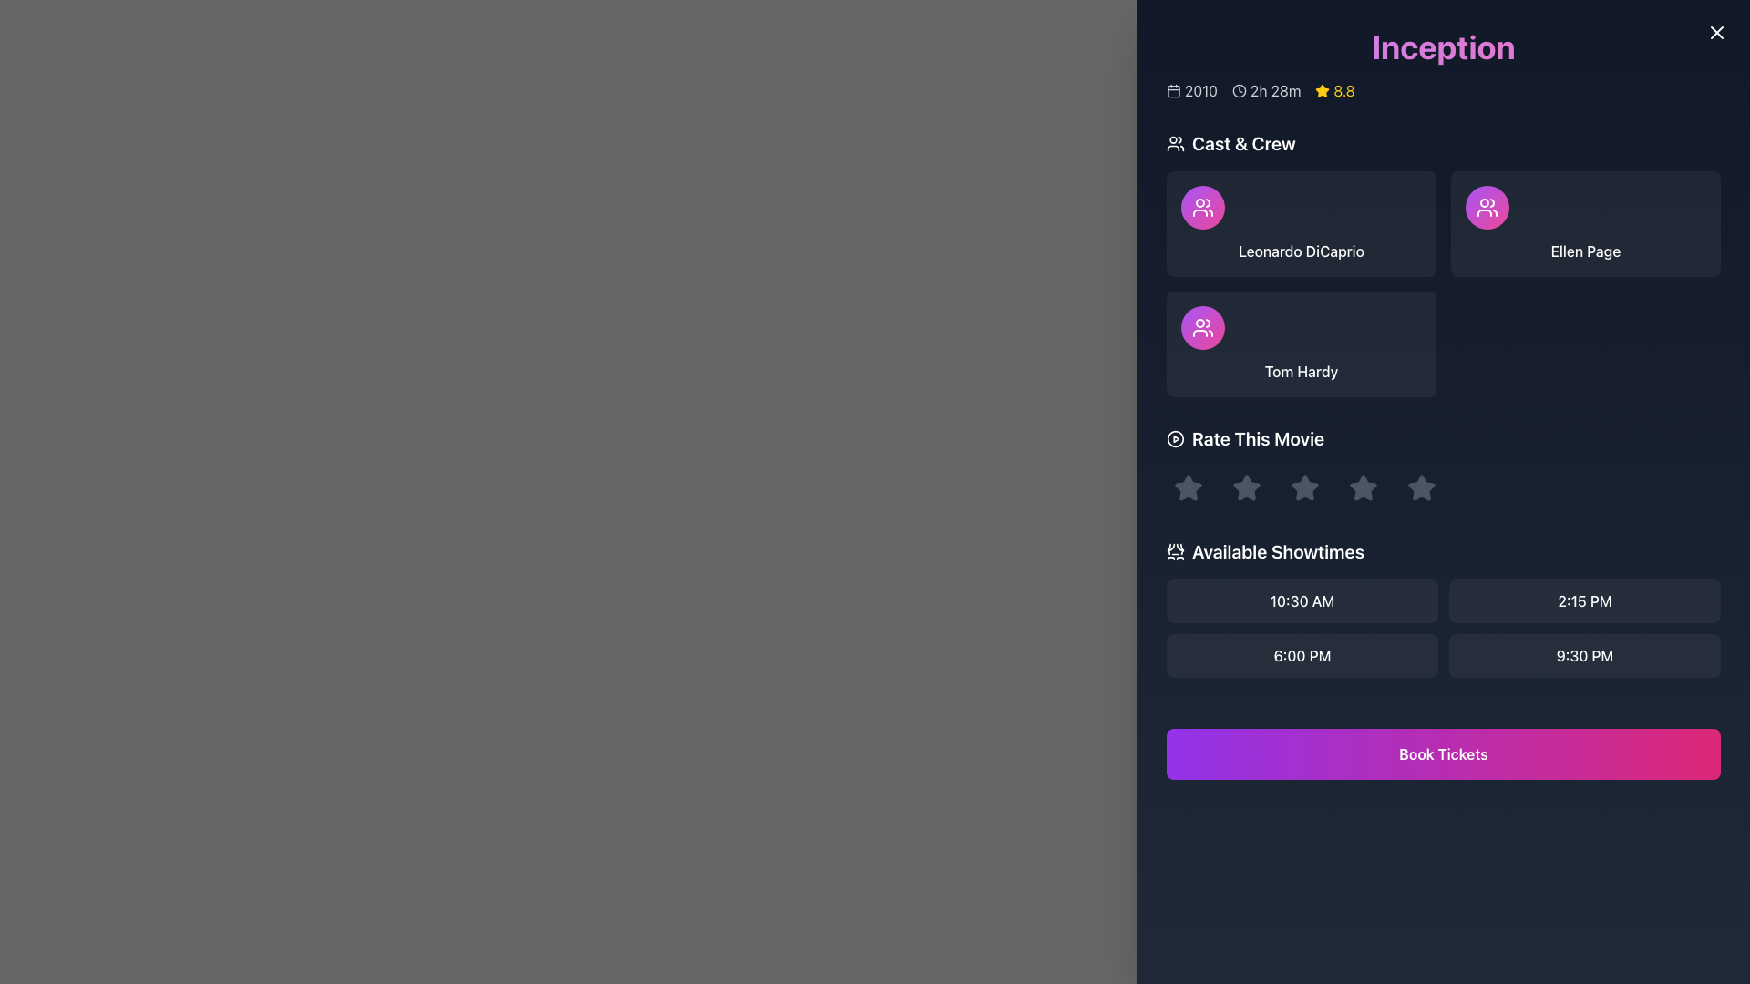  What do you see at coordinates (1203, 206) in the screenshot?
I see `the icon depicting two simplified human figures outlined in white, situated within a circular gradient background, located in the top-left corner of the cast card for 'Ellen Page' in the 'Cast & Crew' section` at bounding box center [1203, 206].